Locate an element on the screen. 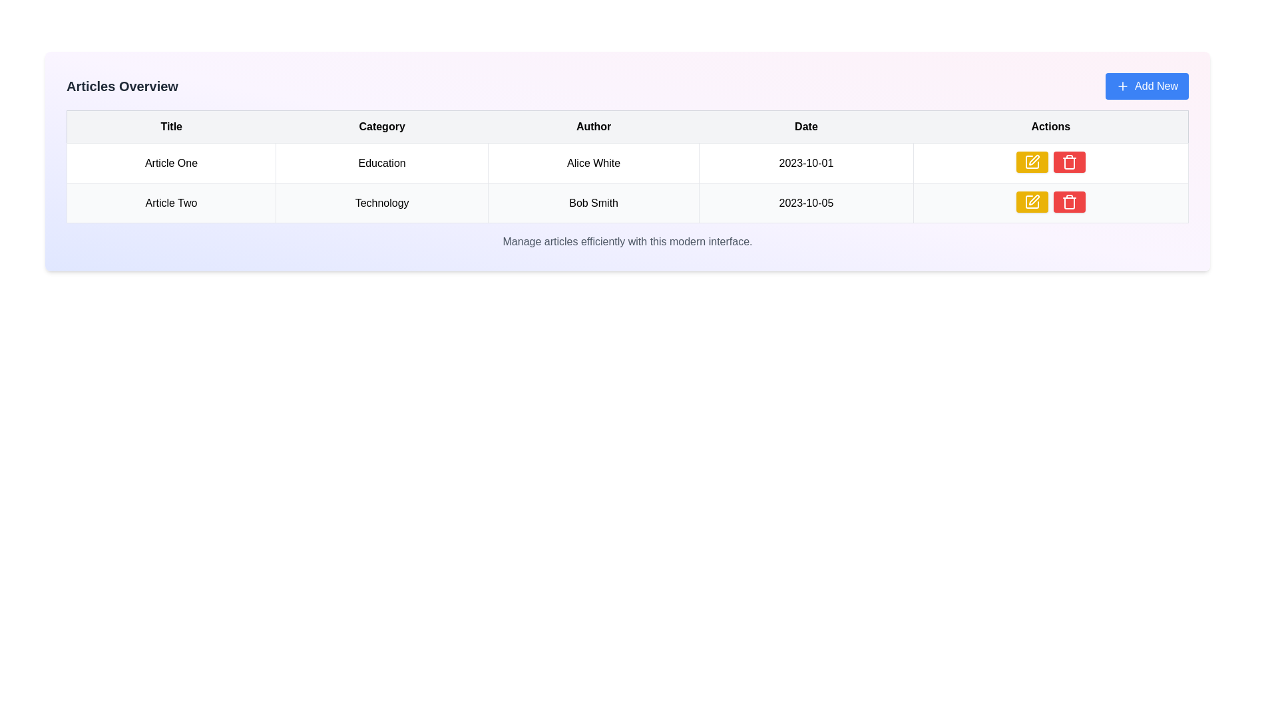 This screenshot has width=1278, height=718. the pen icon in the 'Actions' section of the second row in the table to initiate editing is located at coordinates (1033, 199).